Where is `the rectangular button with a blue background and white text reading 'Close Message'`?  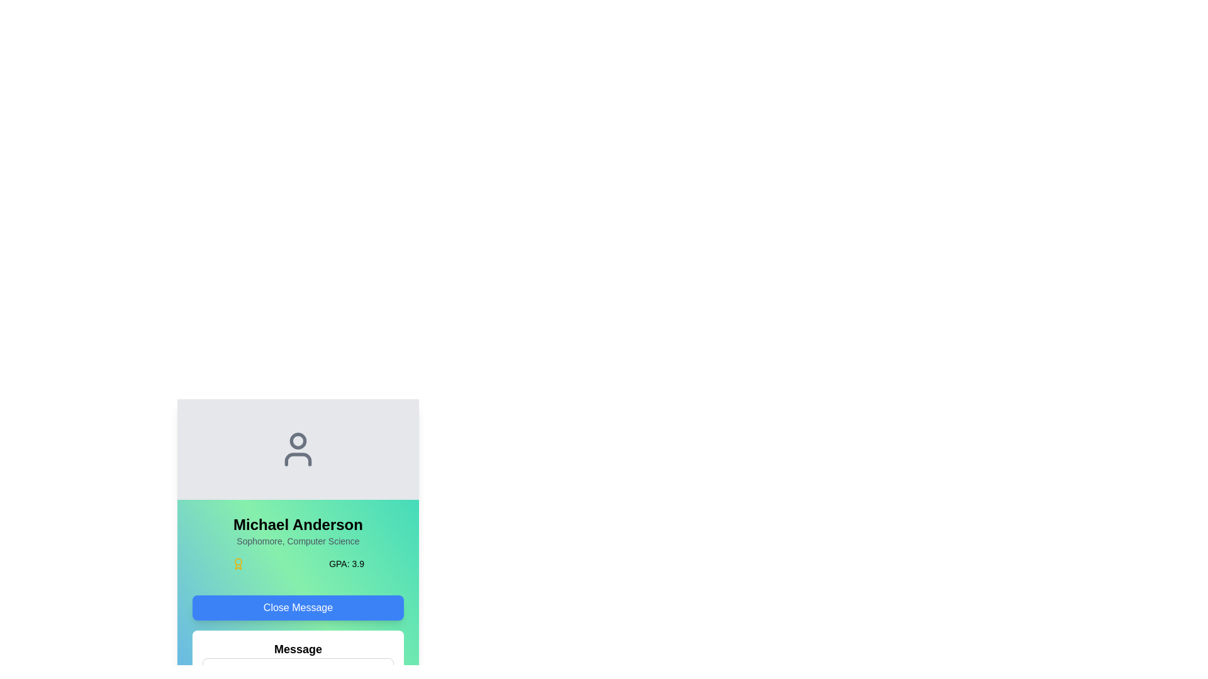
the rectangular button with a blue background and white text reading 'Close Message' is located at coordinates (298, 607).